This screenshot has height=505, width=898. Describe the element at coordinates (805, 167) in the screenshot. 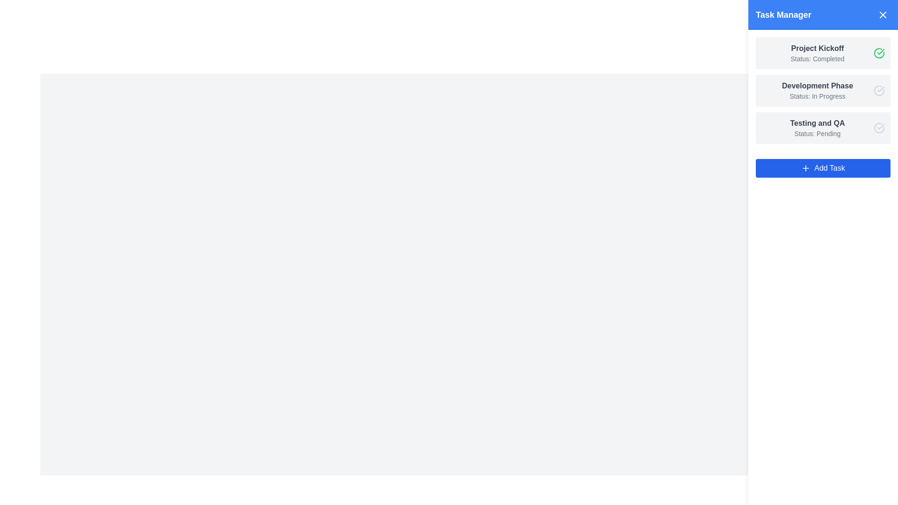

I see `the '+' SVG graphic icon located within the 'Add Task' button` at that location.